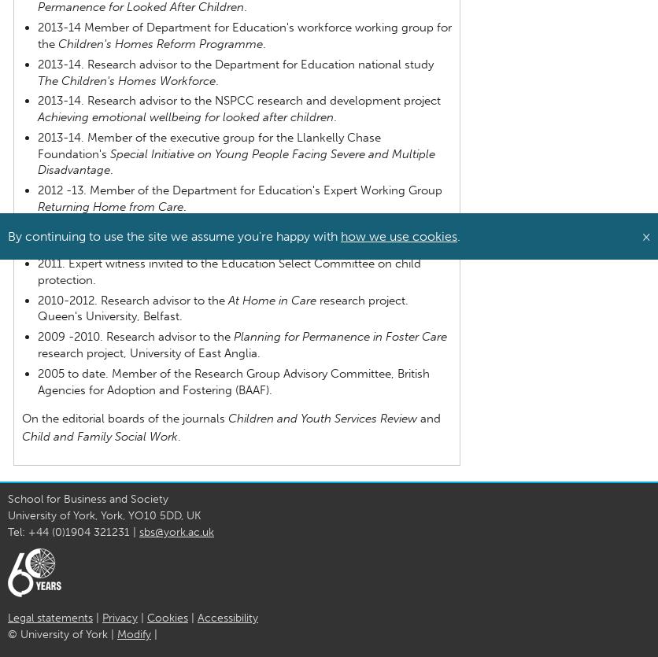 The image size is (658, 657). Describe the element at coordinates (235, 63) in the screenshot. I see `'2013-14. Research advisor to the Department for Education national study'` at that location.